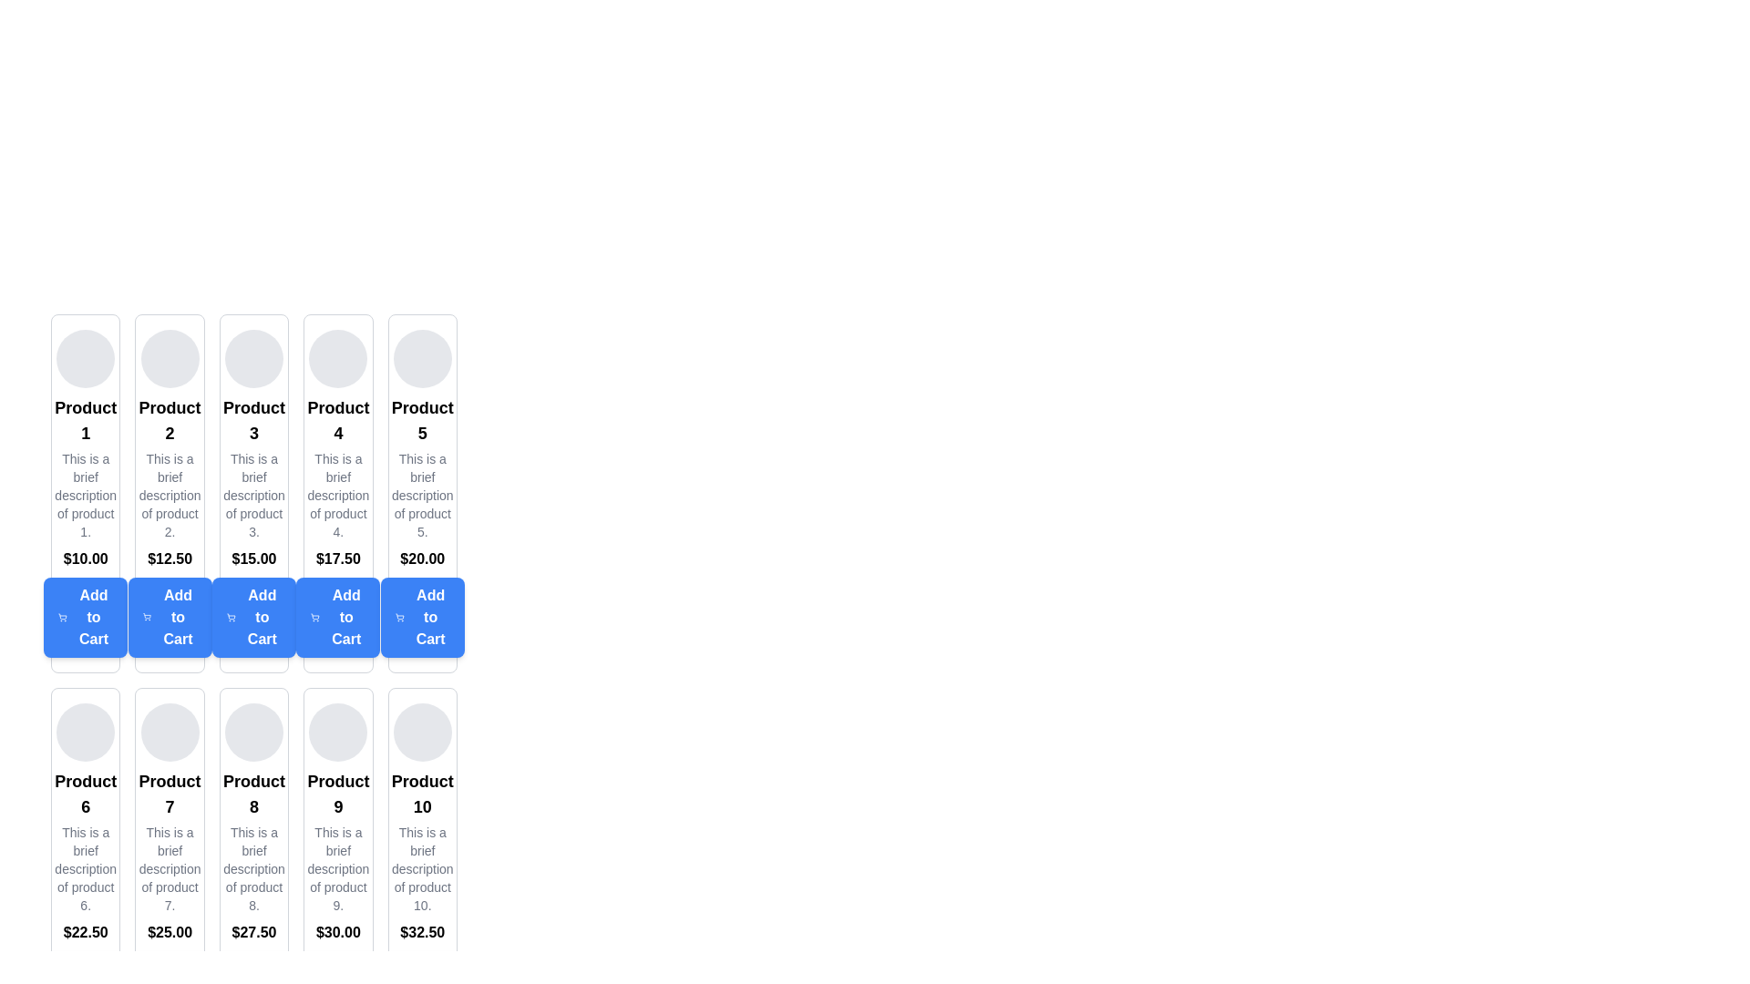 This screenshot has height=984, width=1750. What do you see at coordinates (421, 495) in the screenshot?
I see `text block providing a concise description of 'Product 5', which is located beneath the title and above the price in the first row and fifth column of the grid layout` at bounding box center [421, 495].